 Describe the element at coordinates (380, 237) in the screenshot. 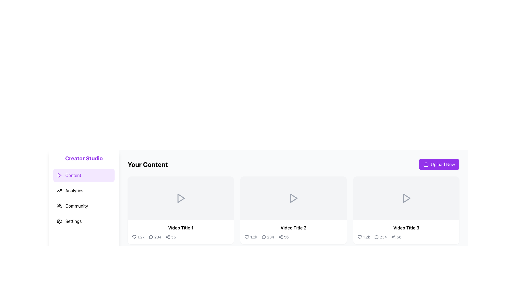

I see `the comment count display element located beneath 'Video Title 3', which shows the number of comments associated with the video` at that location.